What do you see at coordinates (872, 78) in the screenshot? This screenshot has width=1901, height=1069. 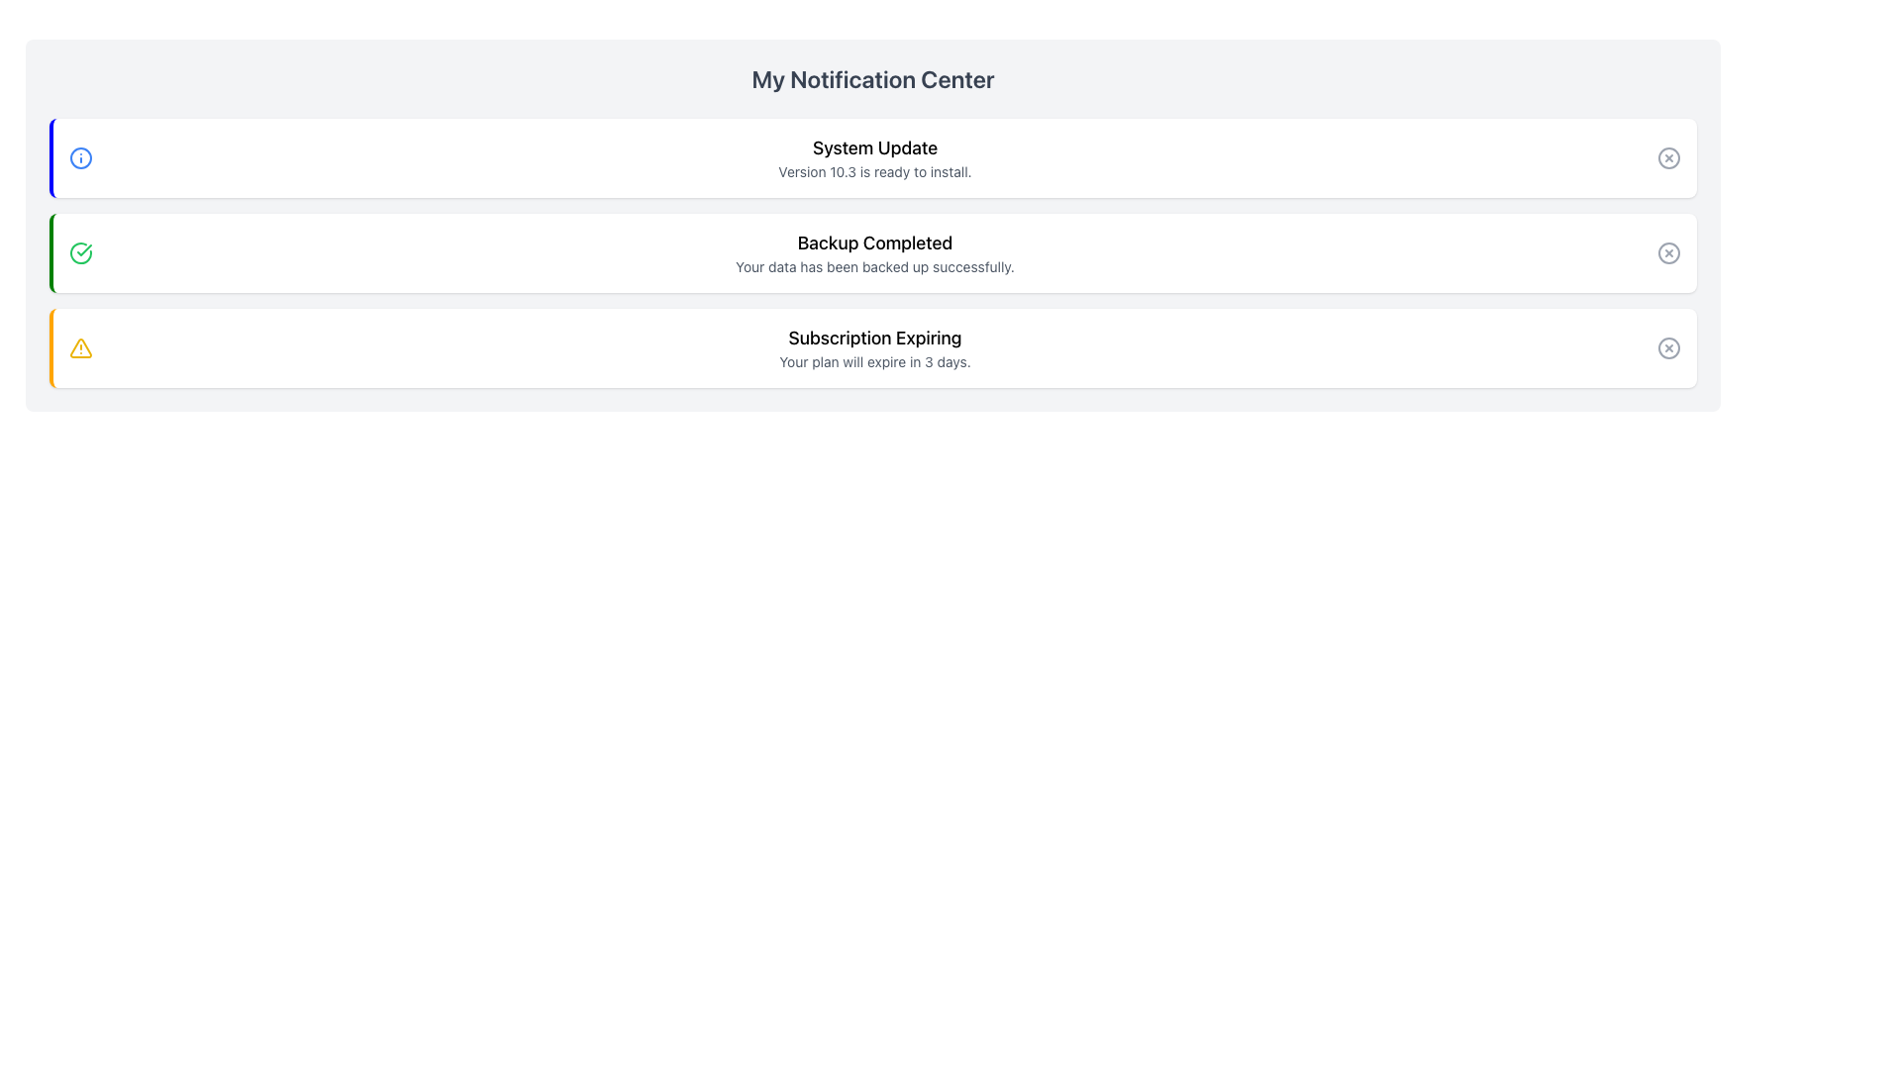 I see `the static text label that serves as the title for the notification panel located at the top of the 'Notification Center' section` at bounding box center [872, 78].